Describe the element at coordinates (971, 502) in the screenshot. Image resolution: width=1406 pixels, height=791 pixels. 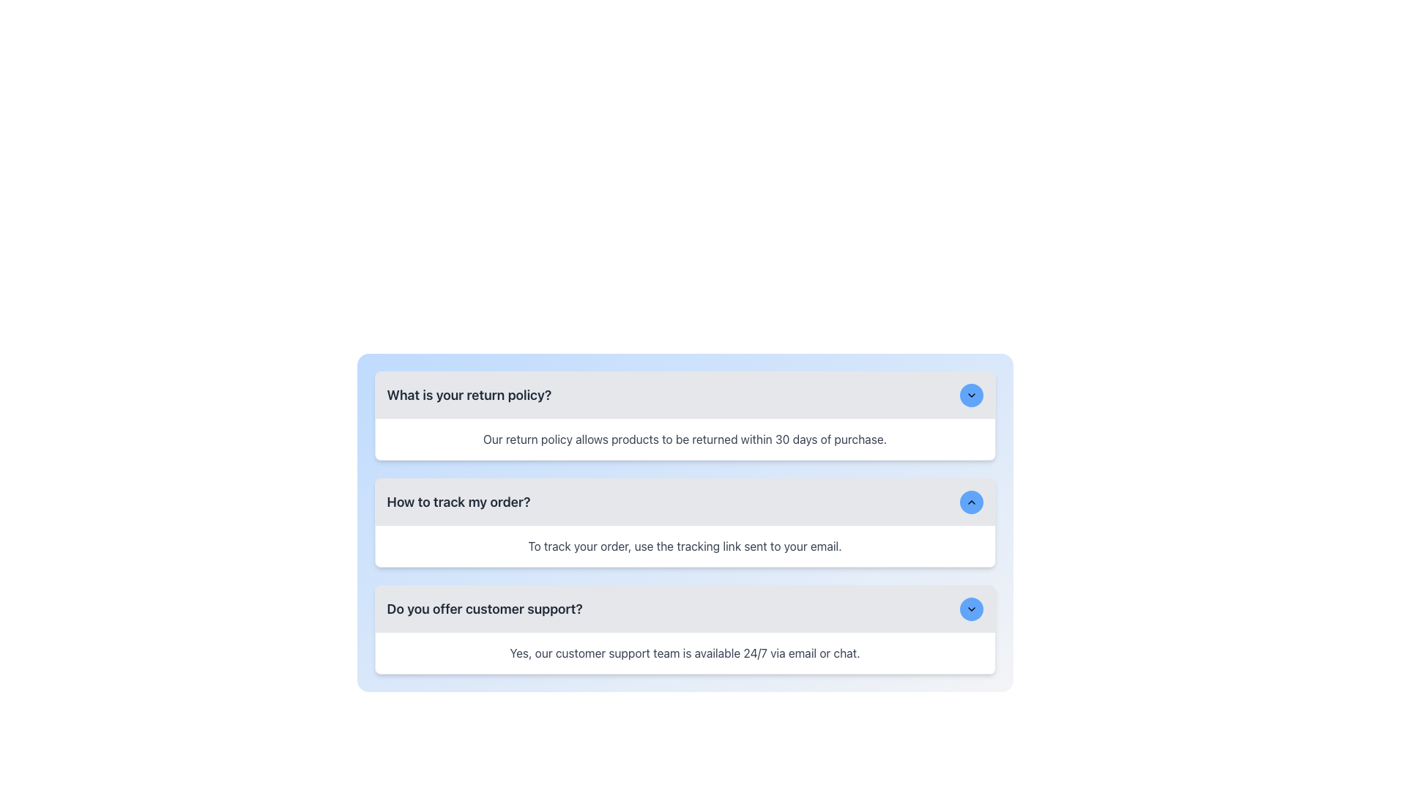
I see `the circular blue button with an upward-pointing chevron icon, located on the right end of the panel containing the question 'How to track my order?'` at that location.